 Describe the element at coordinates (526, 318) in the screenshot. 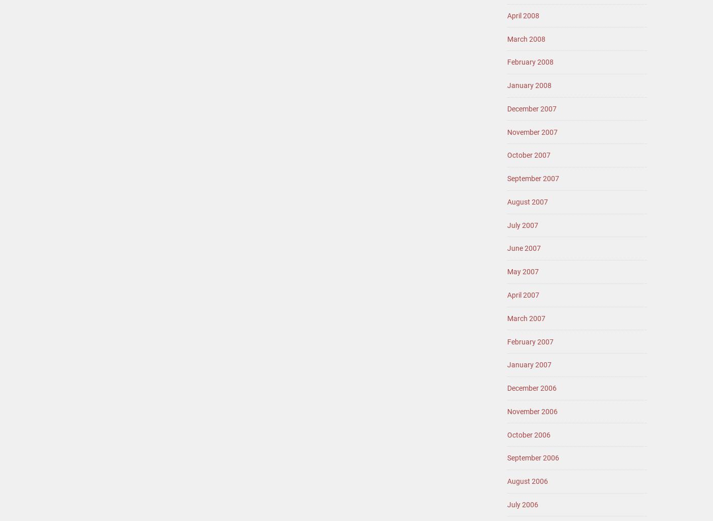

I see `'March 2007'` at that location.